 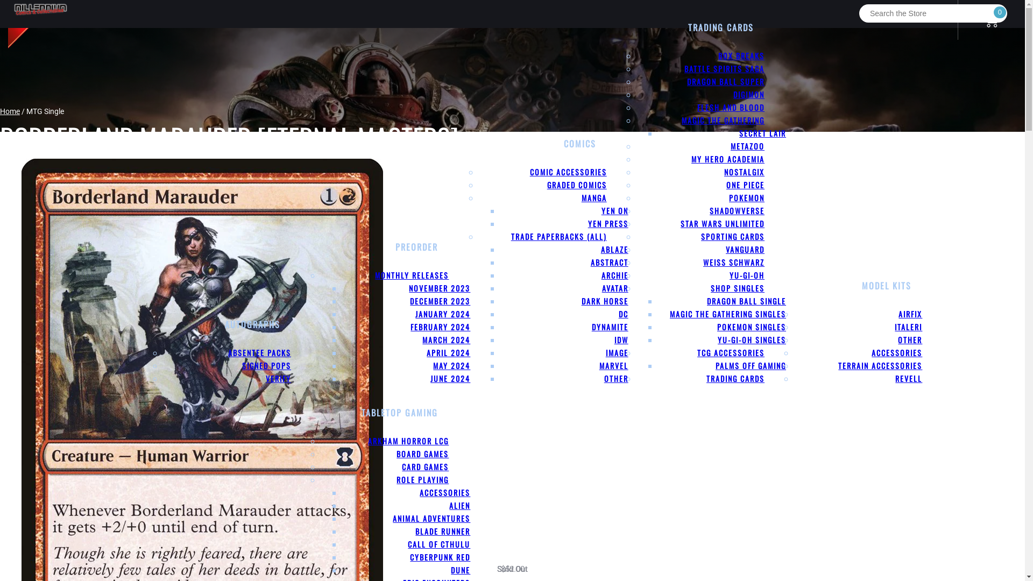 I want to click on 'TERRAIN ACCESSORIES', so click(x=838, y=365).